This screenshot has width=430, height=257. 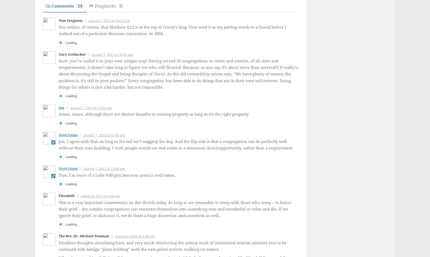 What do you see at coordinates (83, 169) in the screenshot?
I see `'August 7, 2013 at 11:06 pm'` at bounding box center [83, 169].